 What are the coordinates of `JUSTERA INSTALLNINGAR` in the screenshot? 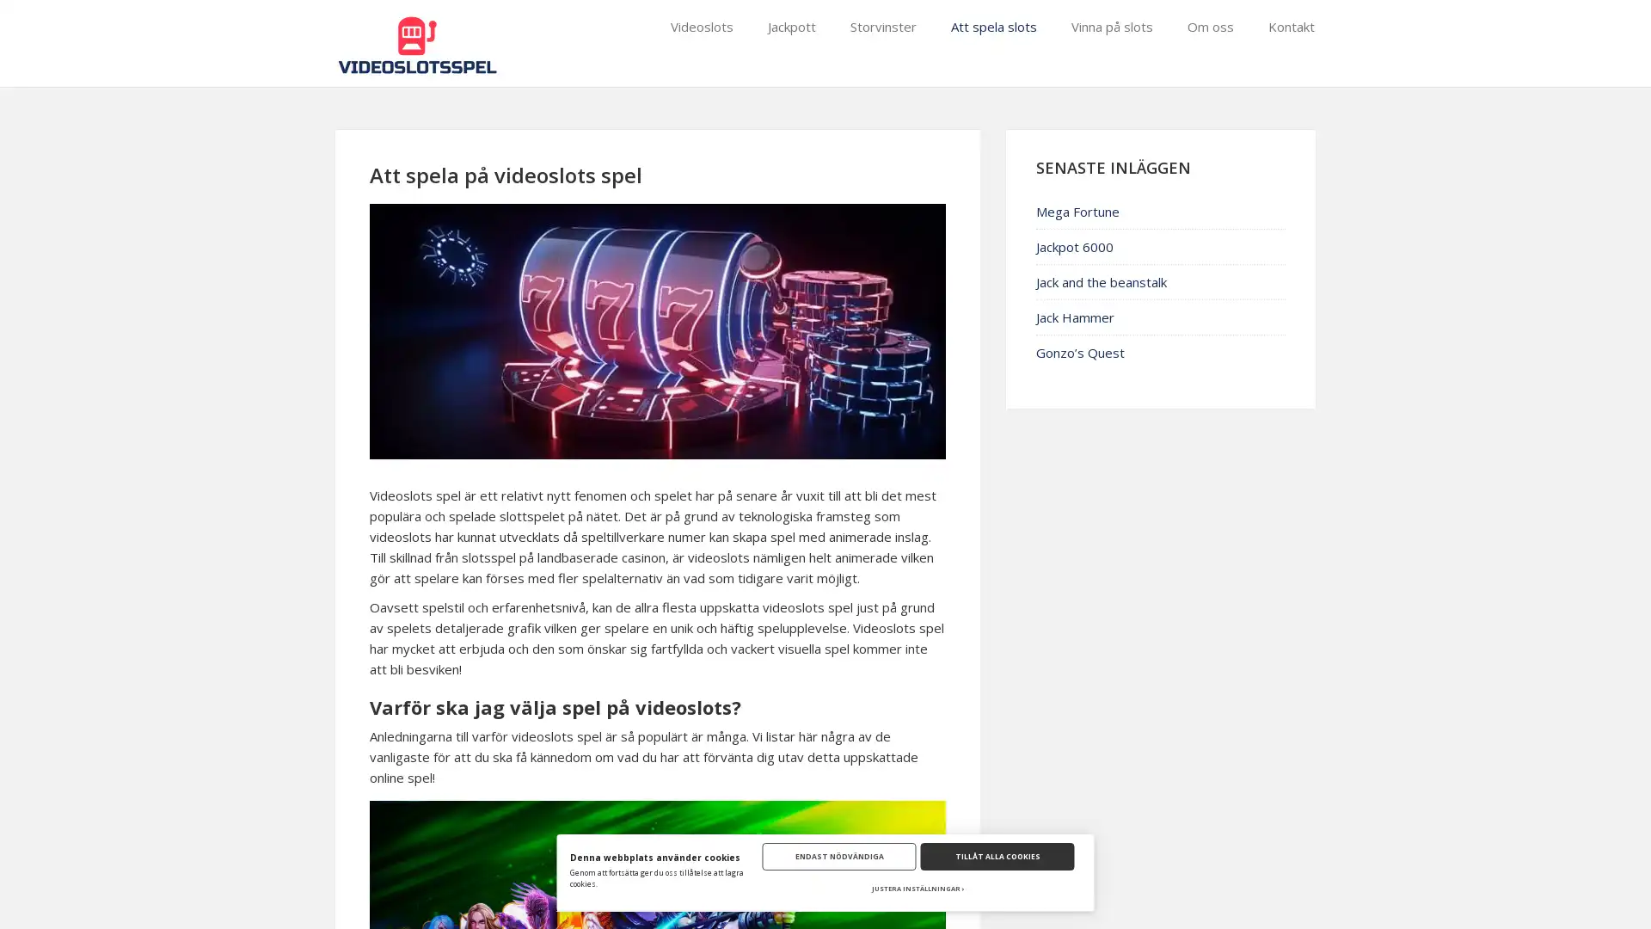 It's located at (918, 889).